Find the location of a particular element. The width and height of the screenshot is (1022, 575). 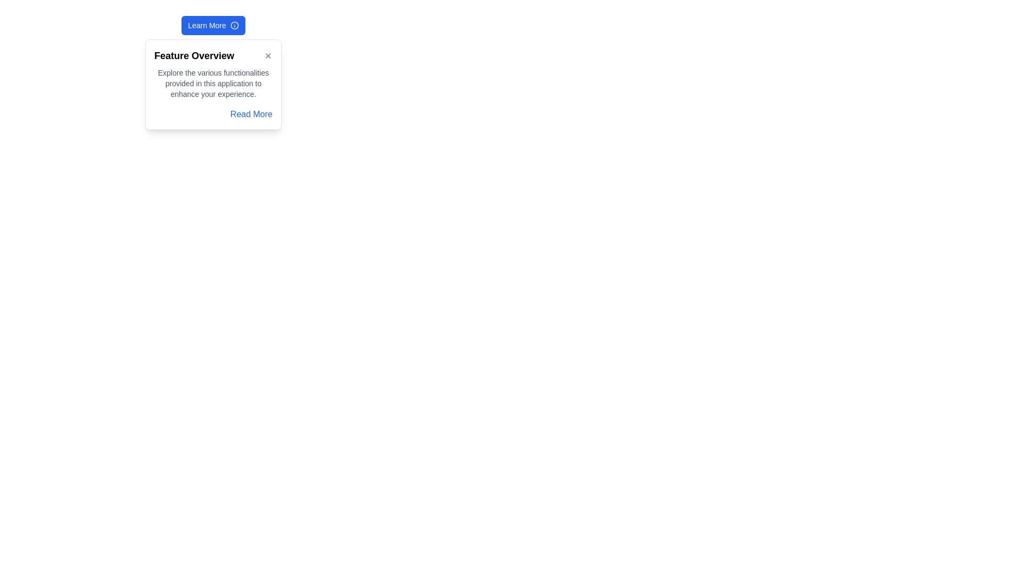

the hyperlink located at the bottom right corner of the 'Feature Overview' informational card is located at coordinates (251, 114).